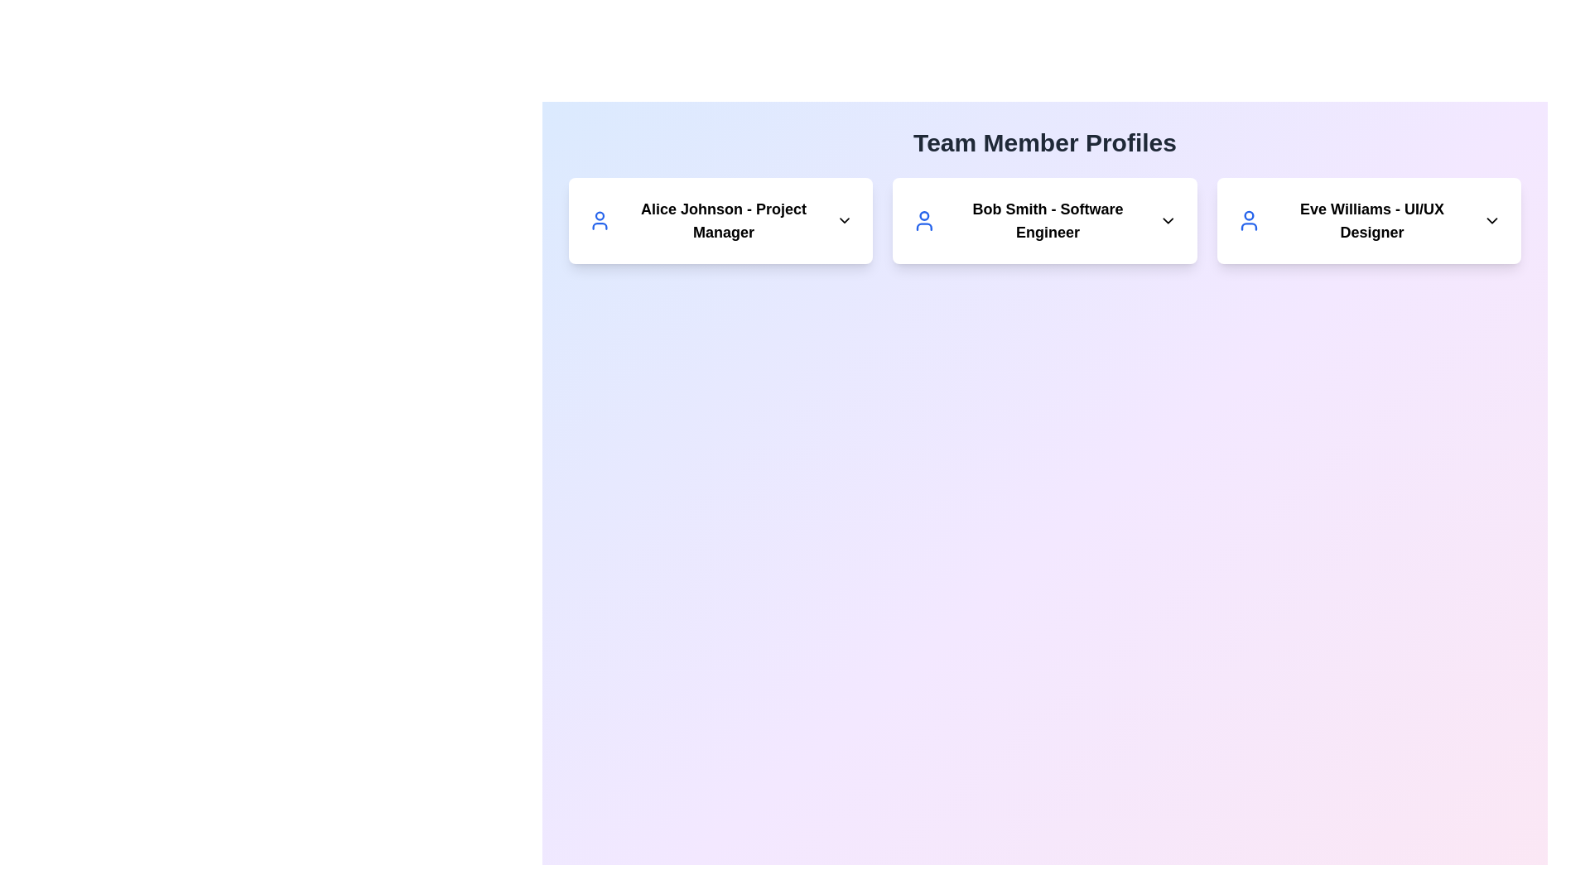 The image size is (1590, 894). What do you see at coordinates (1249, 219) in the screenshot?
I see `the user icon styled in blue` at bounding box center [1249, 219].